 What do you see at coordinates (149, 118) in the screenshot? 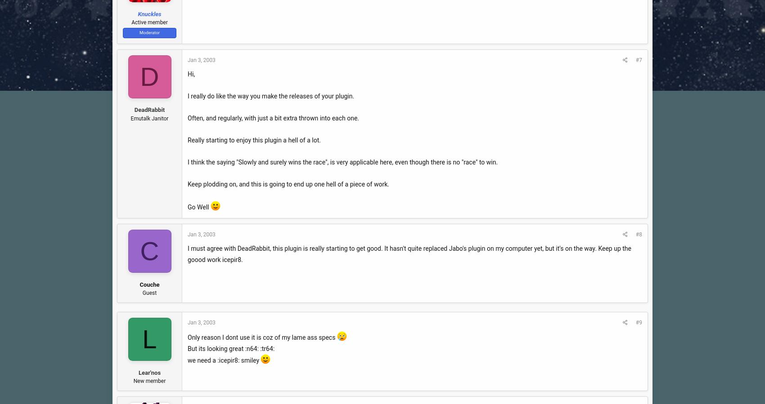
I see `'Emutalk Janitor'` at bounding box center [149, 118].